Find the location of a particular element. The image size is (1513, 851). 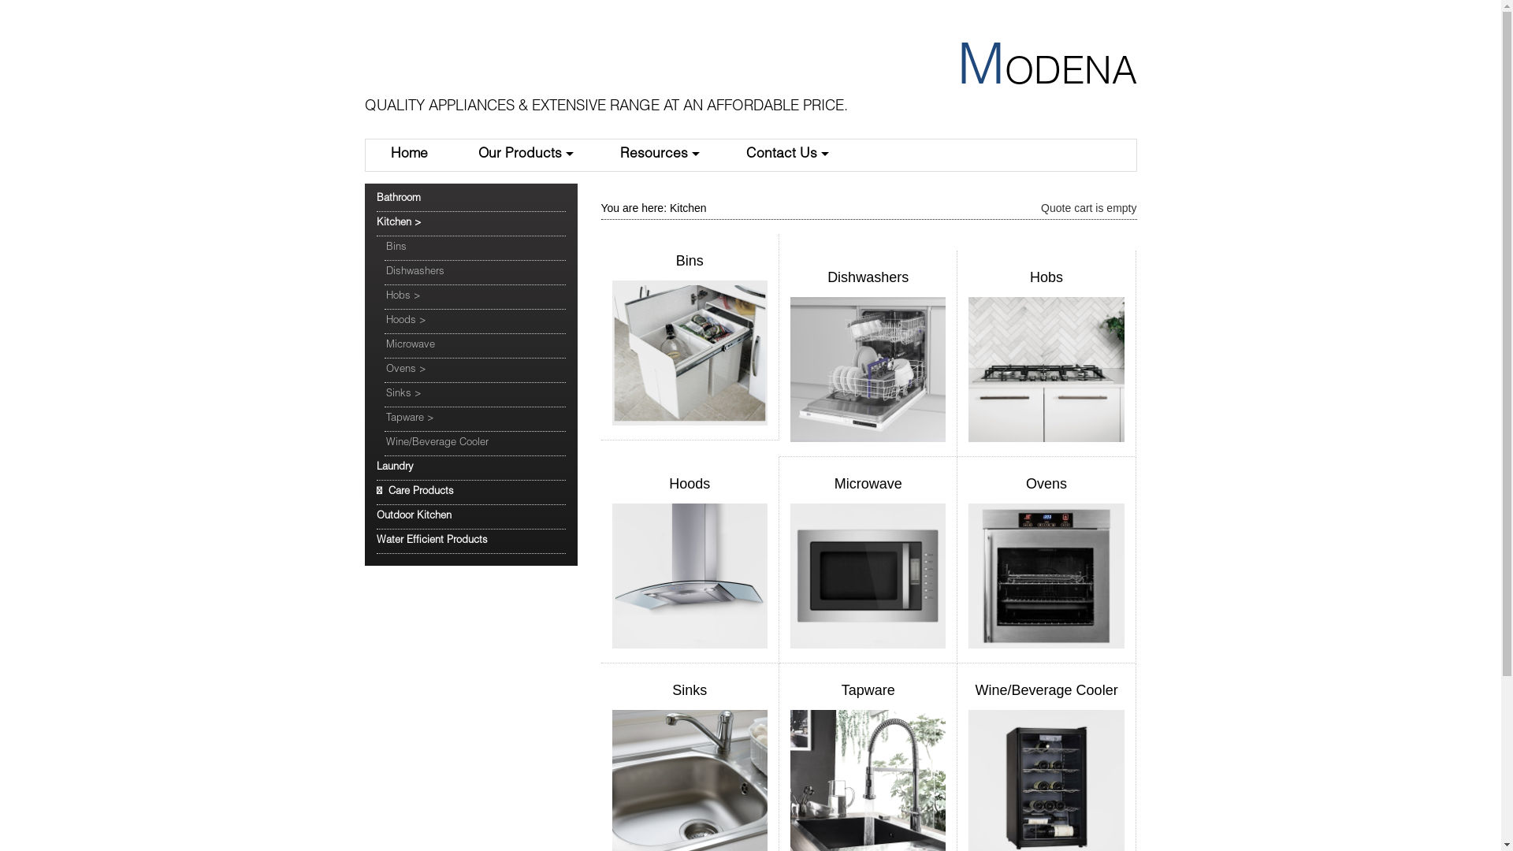

'Contact Us' is located at coordinates (785, 154).